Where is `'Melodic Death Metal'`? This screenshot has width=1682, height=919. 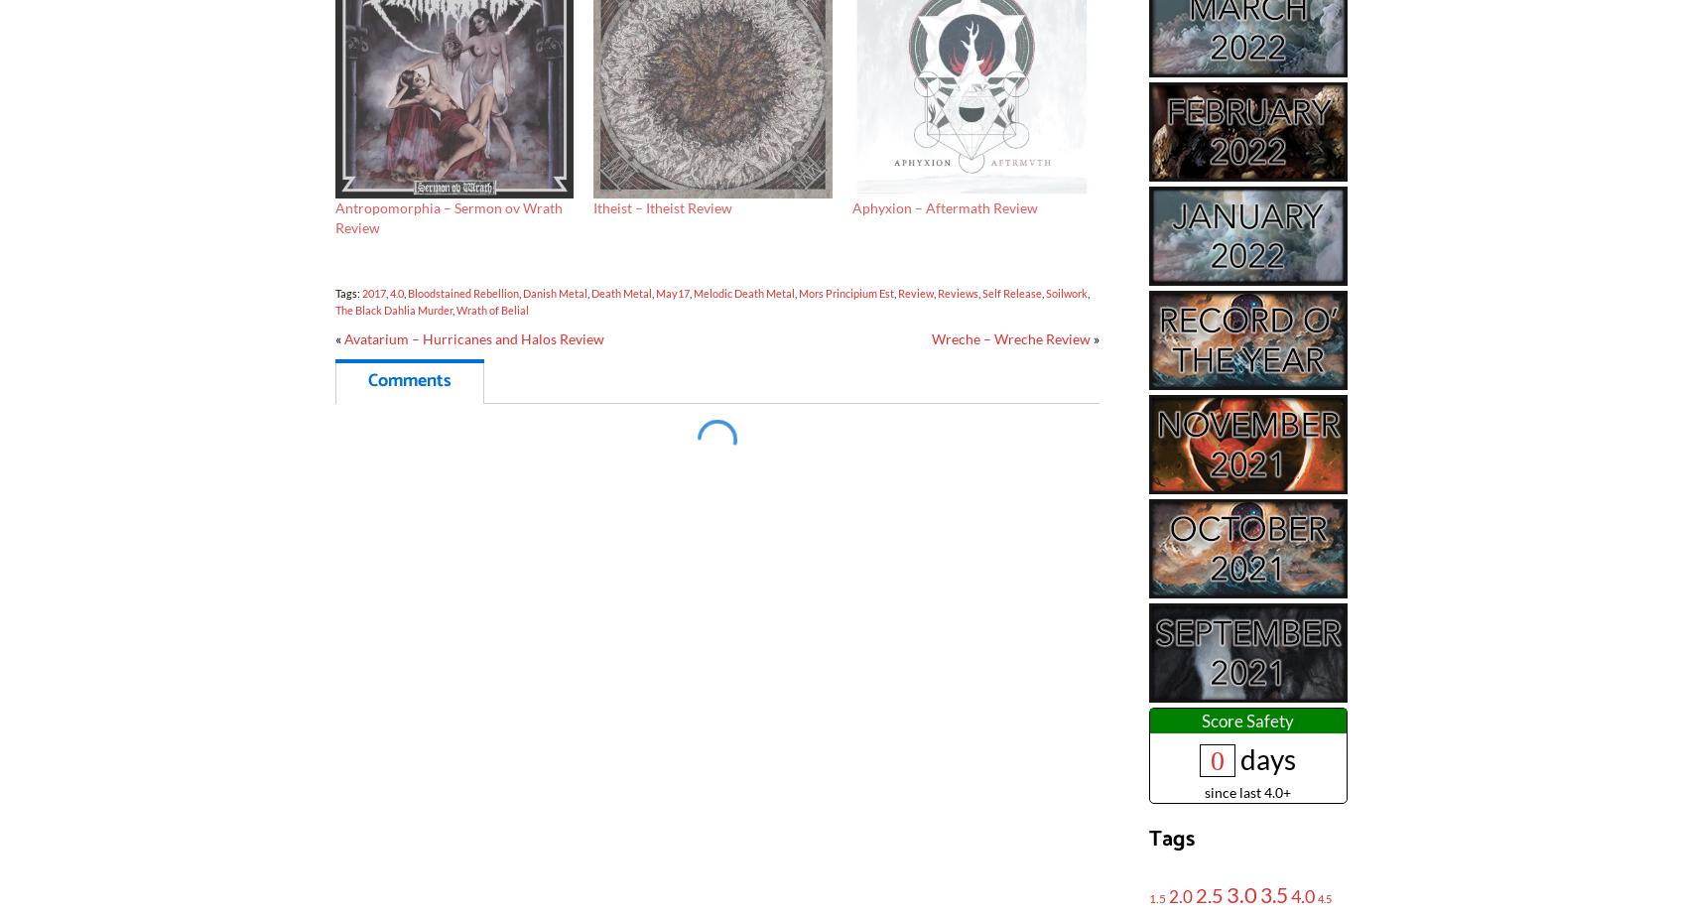 'Melodic Death Metal' is located at coordinates (693, 293).